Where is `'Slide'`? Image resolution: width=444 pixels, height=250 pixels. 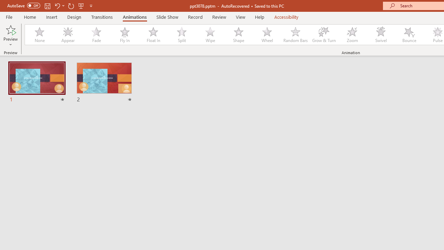 'Slide' is located at coordinates (104, 82).